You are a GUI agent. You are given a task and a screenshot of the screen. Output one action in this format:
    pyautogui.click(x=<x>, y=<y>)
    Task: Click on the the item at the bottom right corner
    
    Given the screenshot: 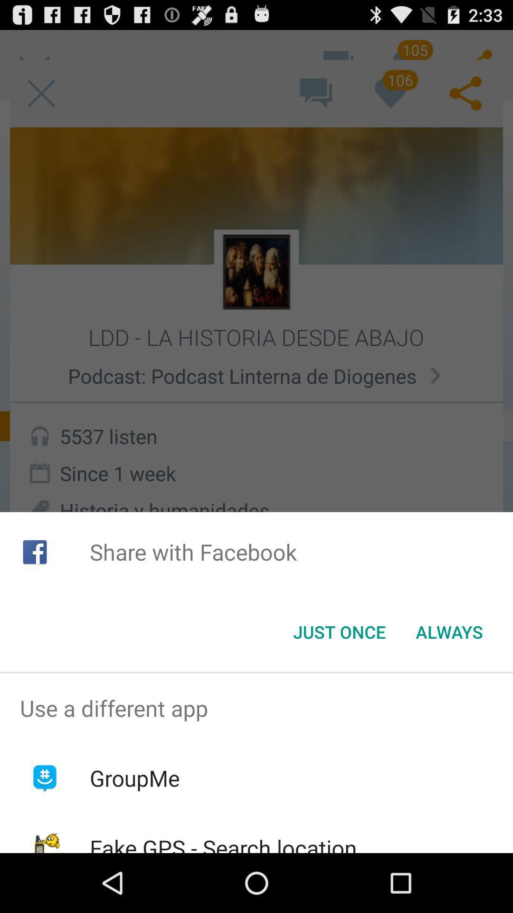 What is the action you would take?
    pyautogui.click(x=449, y=632)
    